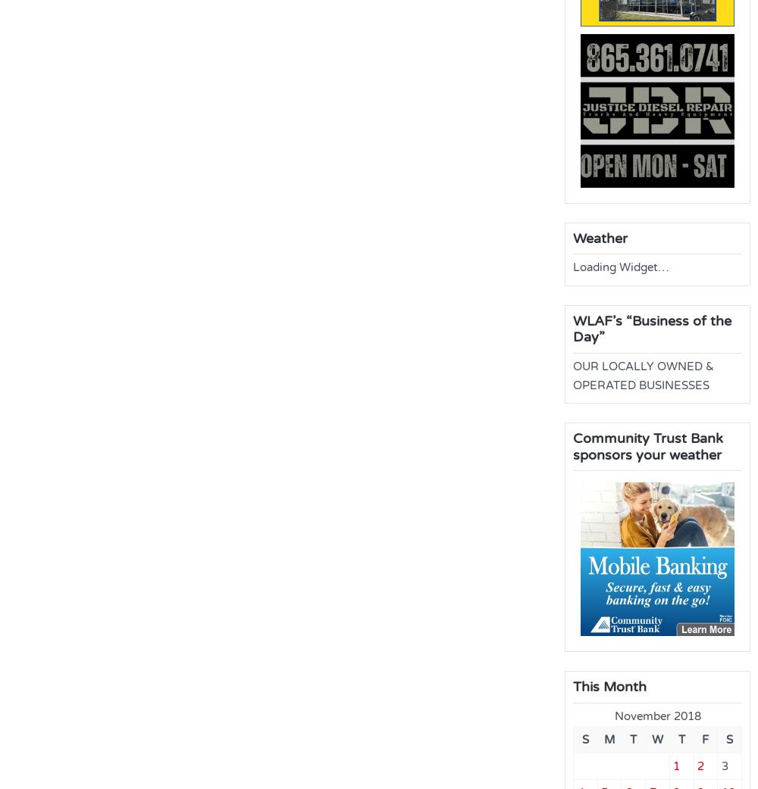 This screenshot has width=758, height=789. Describe the element at coordinates (723, 765) in the screenshot. I see `'3'` at that location.